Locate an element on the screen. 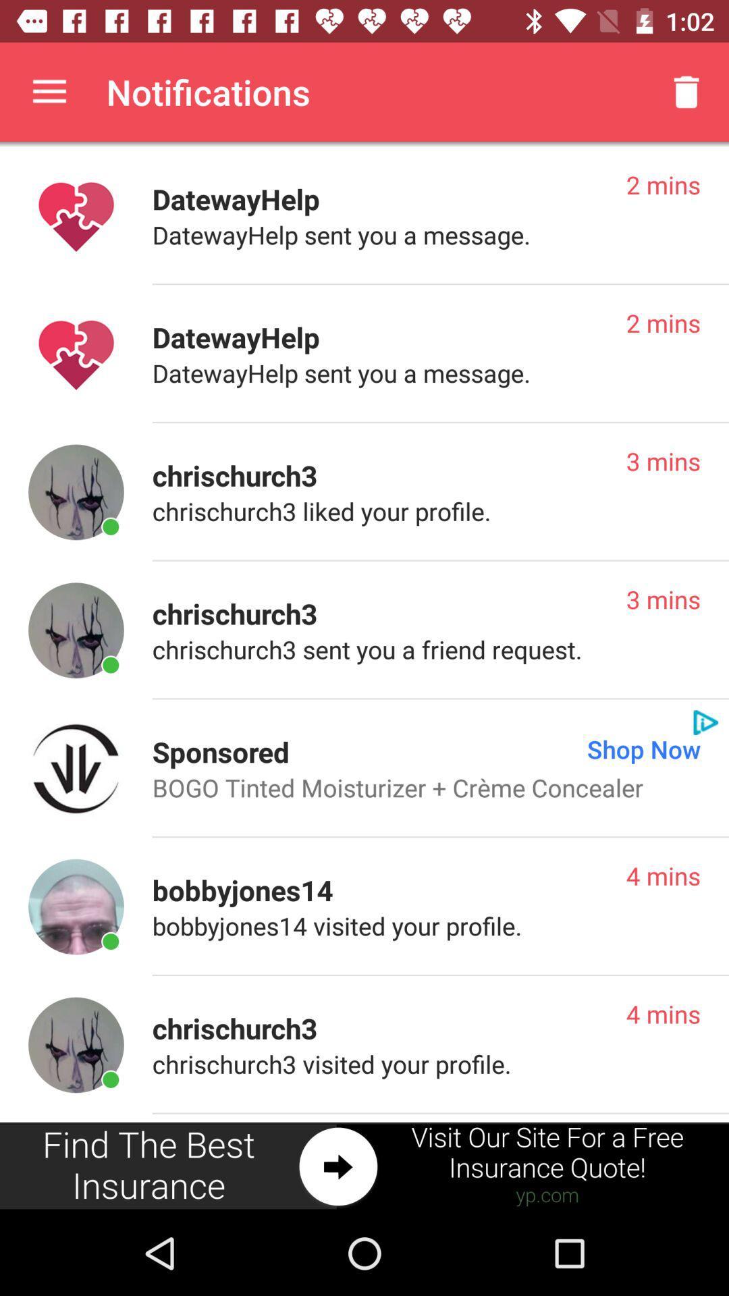 This screenshot has width=729, height=1296. advertiser site is located at coordinates (364, 1166).